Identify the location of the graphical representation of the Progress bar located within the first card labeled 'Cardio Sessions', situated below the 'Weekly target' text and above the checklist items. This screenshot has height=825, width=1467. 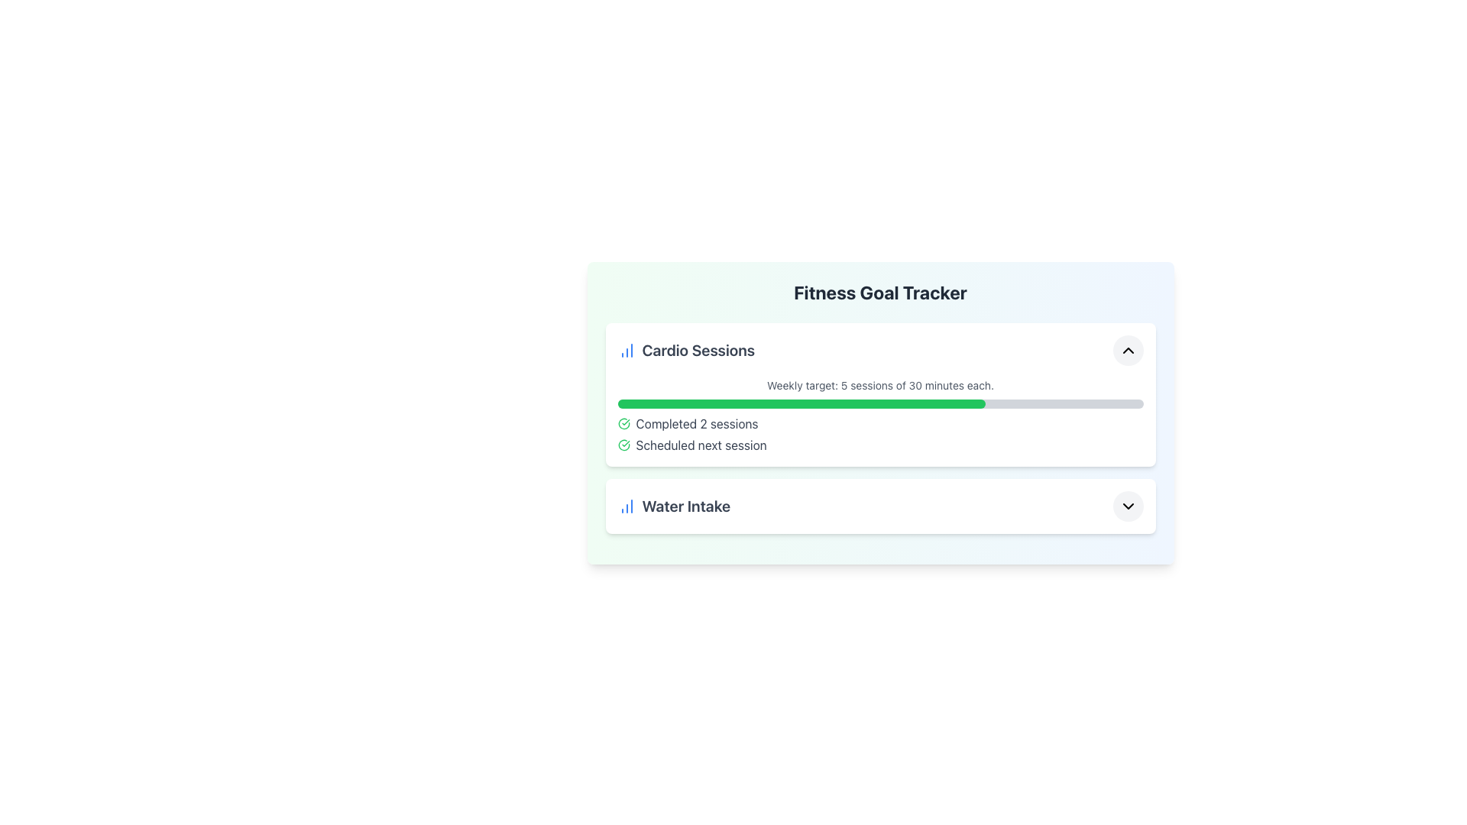
(880, 412).